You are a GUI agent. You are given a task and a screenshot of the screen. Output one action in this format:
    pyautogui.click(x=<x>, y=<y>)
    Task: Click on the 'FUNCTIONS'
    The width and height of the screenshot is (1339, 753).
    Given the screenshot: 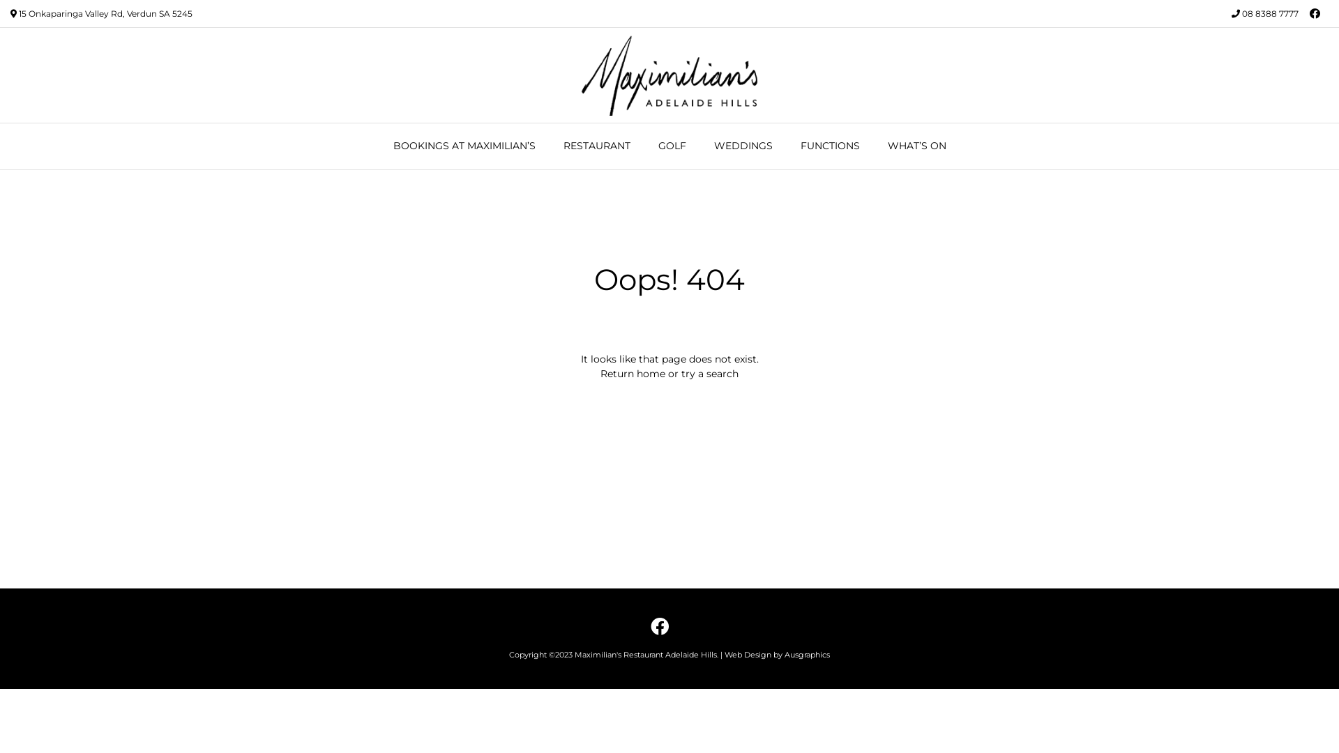 What is the action you would take?
    pyautogui.click(x=787, y=146)
    